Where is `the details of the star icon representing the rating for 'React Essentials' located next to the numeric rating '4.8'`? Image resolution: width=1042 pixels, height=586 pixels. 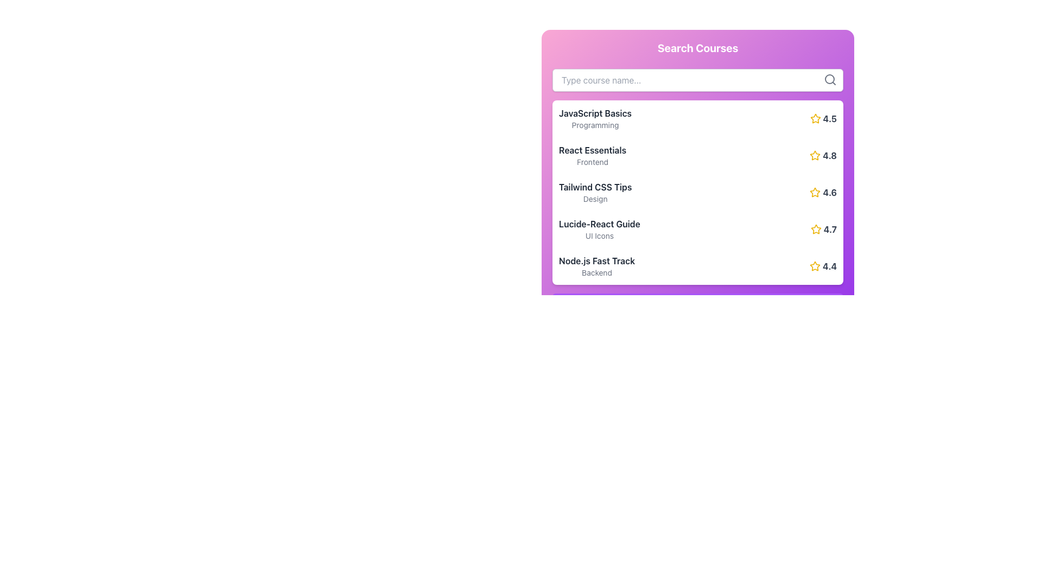 the details of the star icon representing the rating for 'React Essentials' located next to the numeric rating '4.8' is located at coordinates (815, 155).